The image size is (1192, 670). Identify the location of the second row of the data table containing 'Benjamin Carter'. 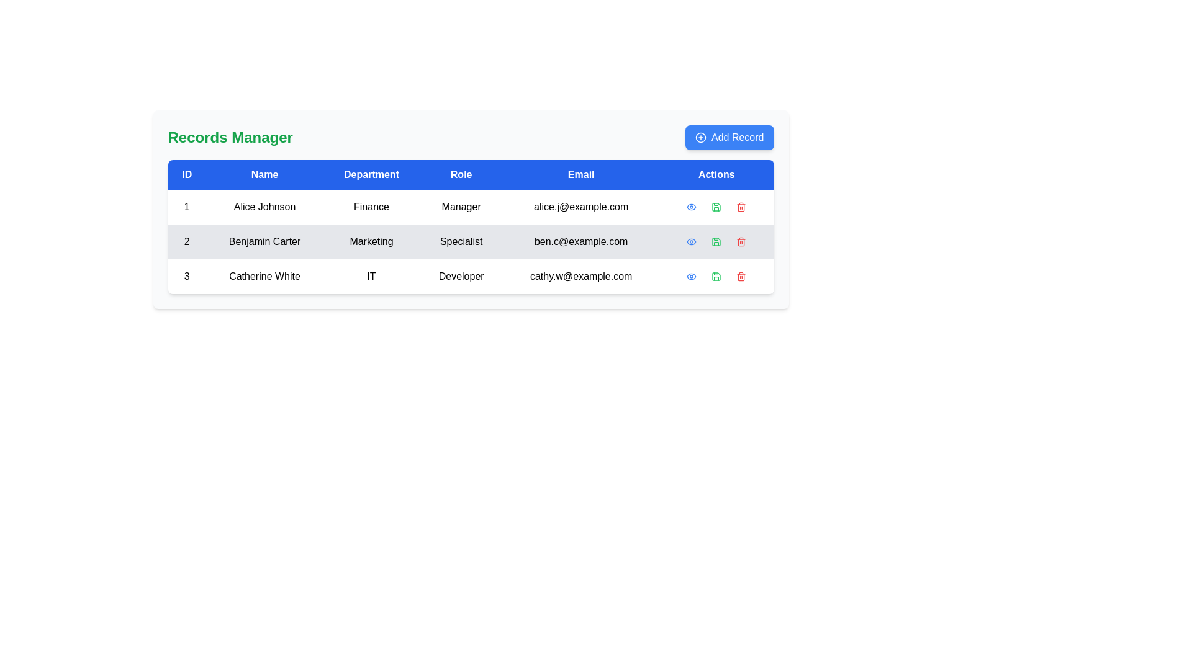
(470, 241).